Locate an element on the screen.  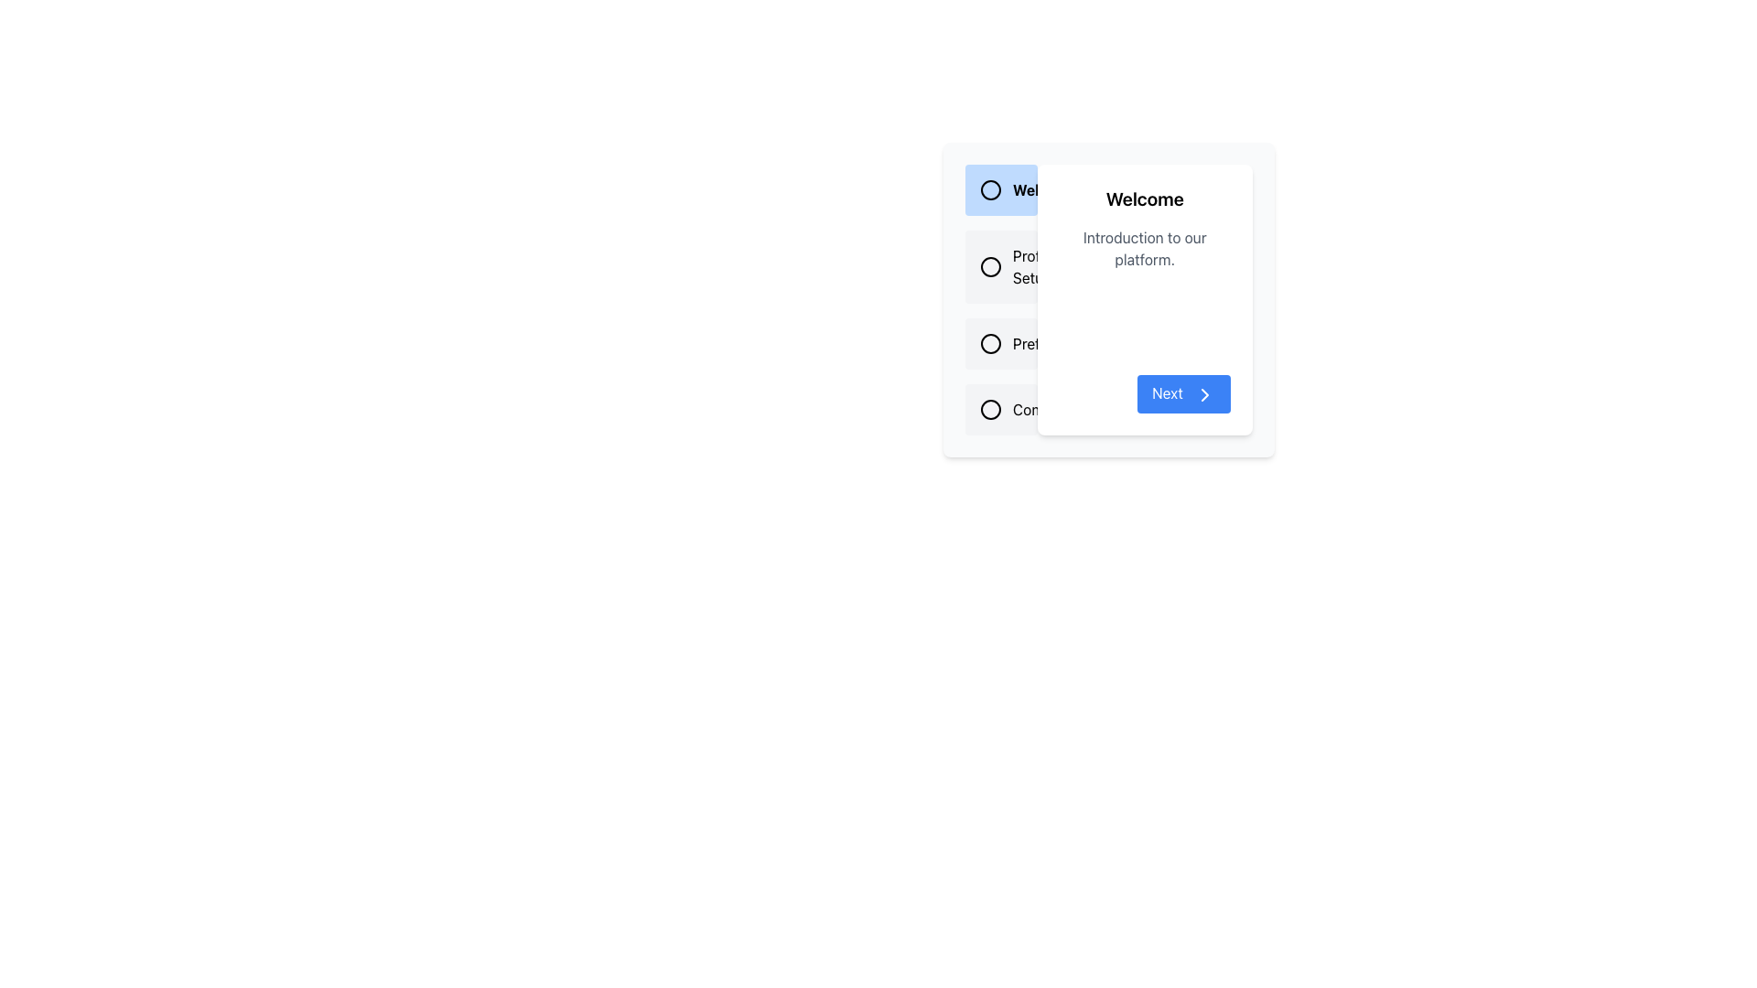
the 'Completion' option item which is the fourth item in a vertically stacked list, featuring a circular graphic on the left side is located at coordinates (1000, 408).